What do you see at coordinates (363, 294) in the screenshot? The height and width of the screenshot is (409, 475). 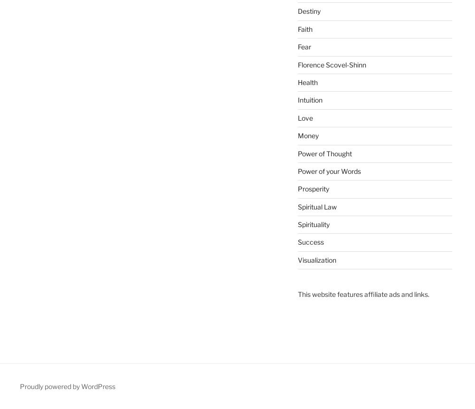 I see `'This website features affiliate ads and links.'` at bounding box center [363, 294].